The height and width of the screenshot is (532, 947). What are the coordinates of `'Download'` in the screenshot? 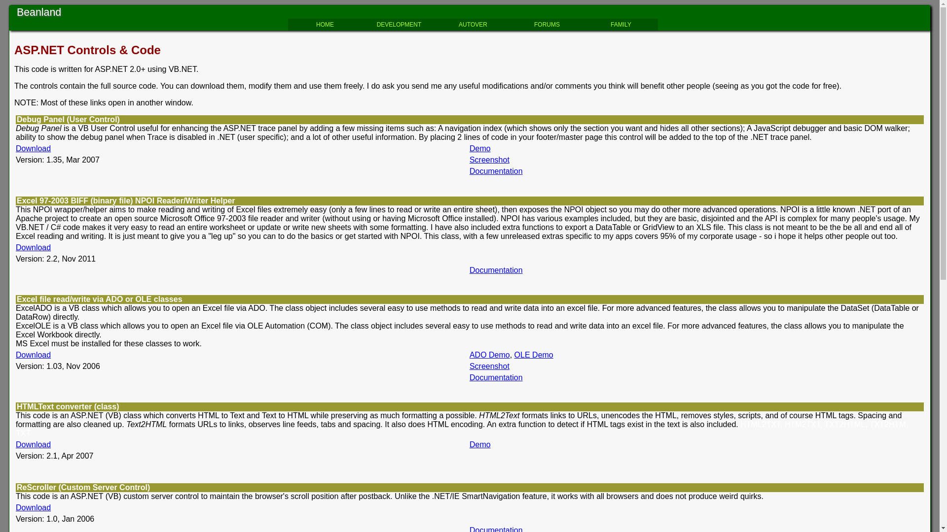 It's located at (16, 355).